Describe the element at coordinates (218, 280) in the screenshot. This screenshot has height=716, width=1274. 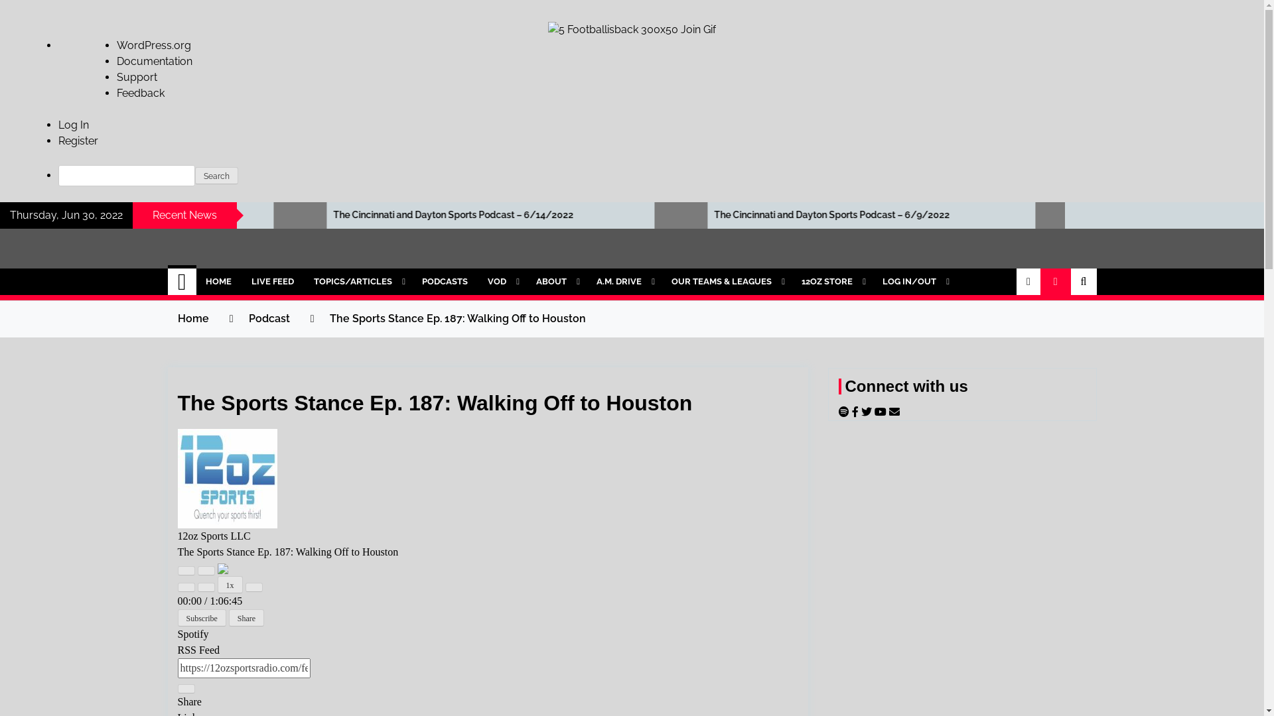
I see `'HOME'` at that location.